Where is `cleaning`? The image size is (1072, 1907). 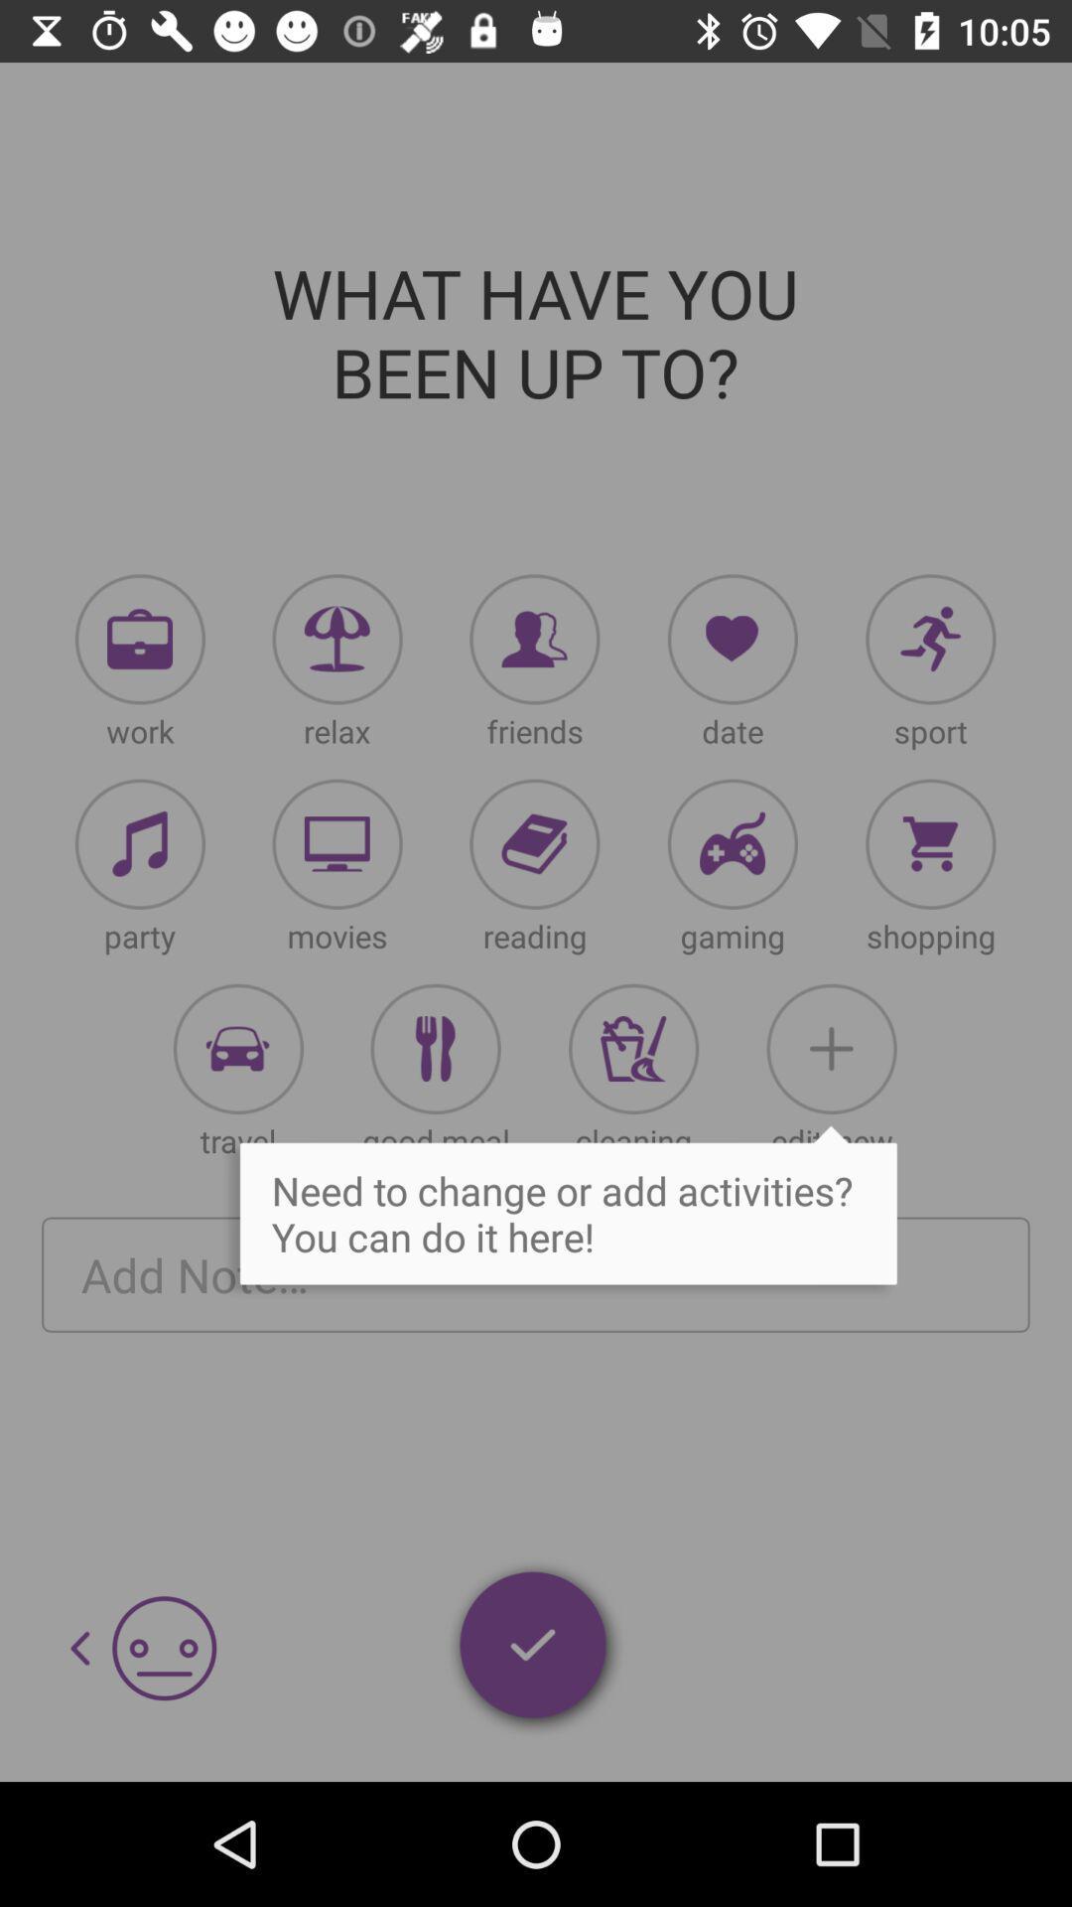 cleaning is located at coordinates (633, 1048).